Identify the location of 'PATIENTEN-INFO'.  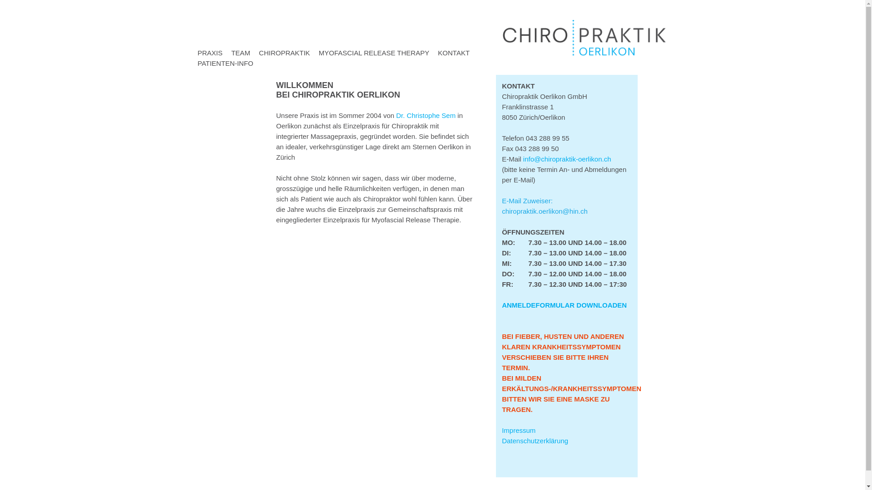
(225, 63).